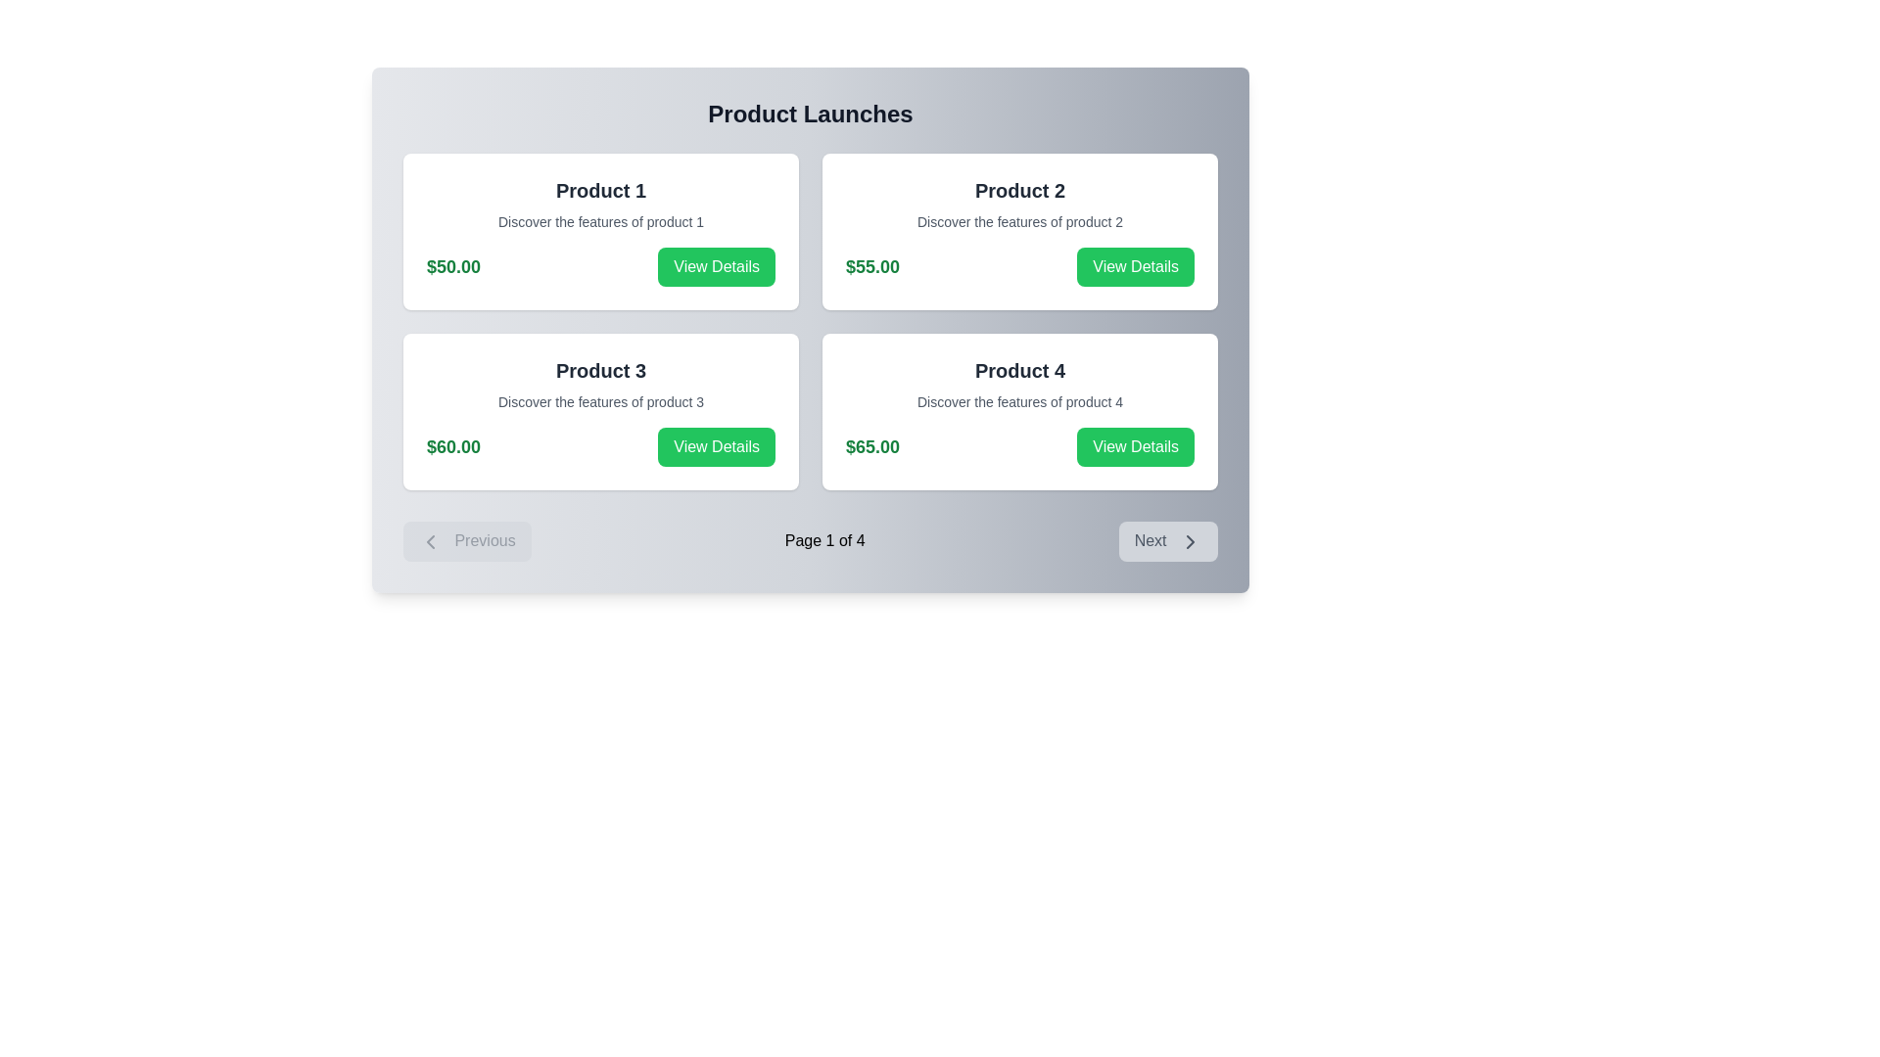 The width and height of the screenshot is (1880, 1057). Describe the element at coordinates (600, 401) in the screenshot. I see `the Text label that describes the product, located below the title 'Product 3' in the bottom-left card of the grid layout` at that location.